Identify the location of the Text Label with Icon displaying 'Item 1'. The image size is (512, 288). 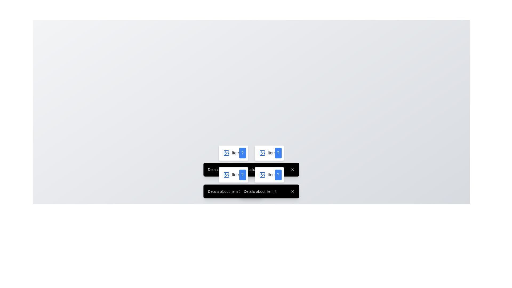
(233, 153).